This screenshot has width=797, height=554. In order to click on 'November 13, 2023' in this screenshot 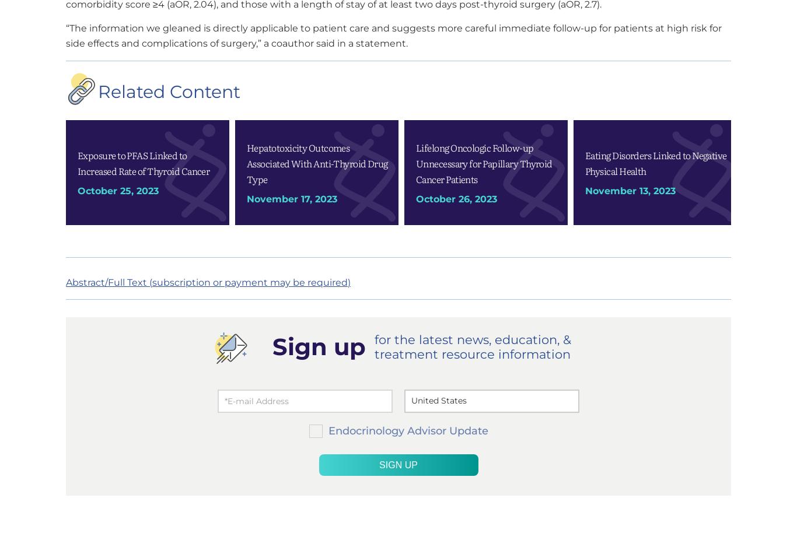, I will do `click(585, 190)`.